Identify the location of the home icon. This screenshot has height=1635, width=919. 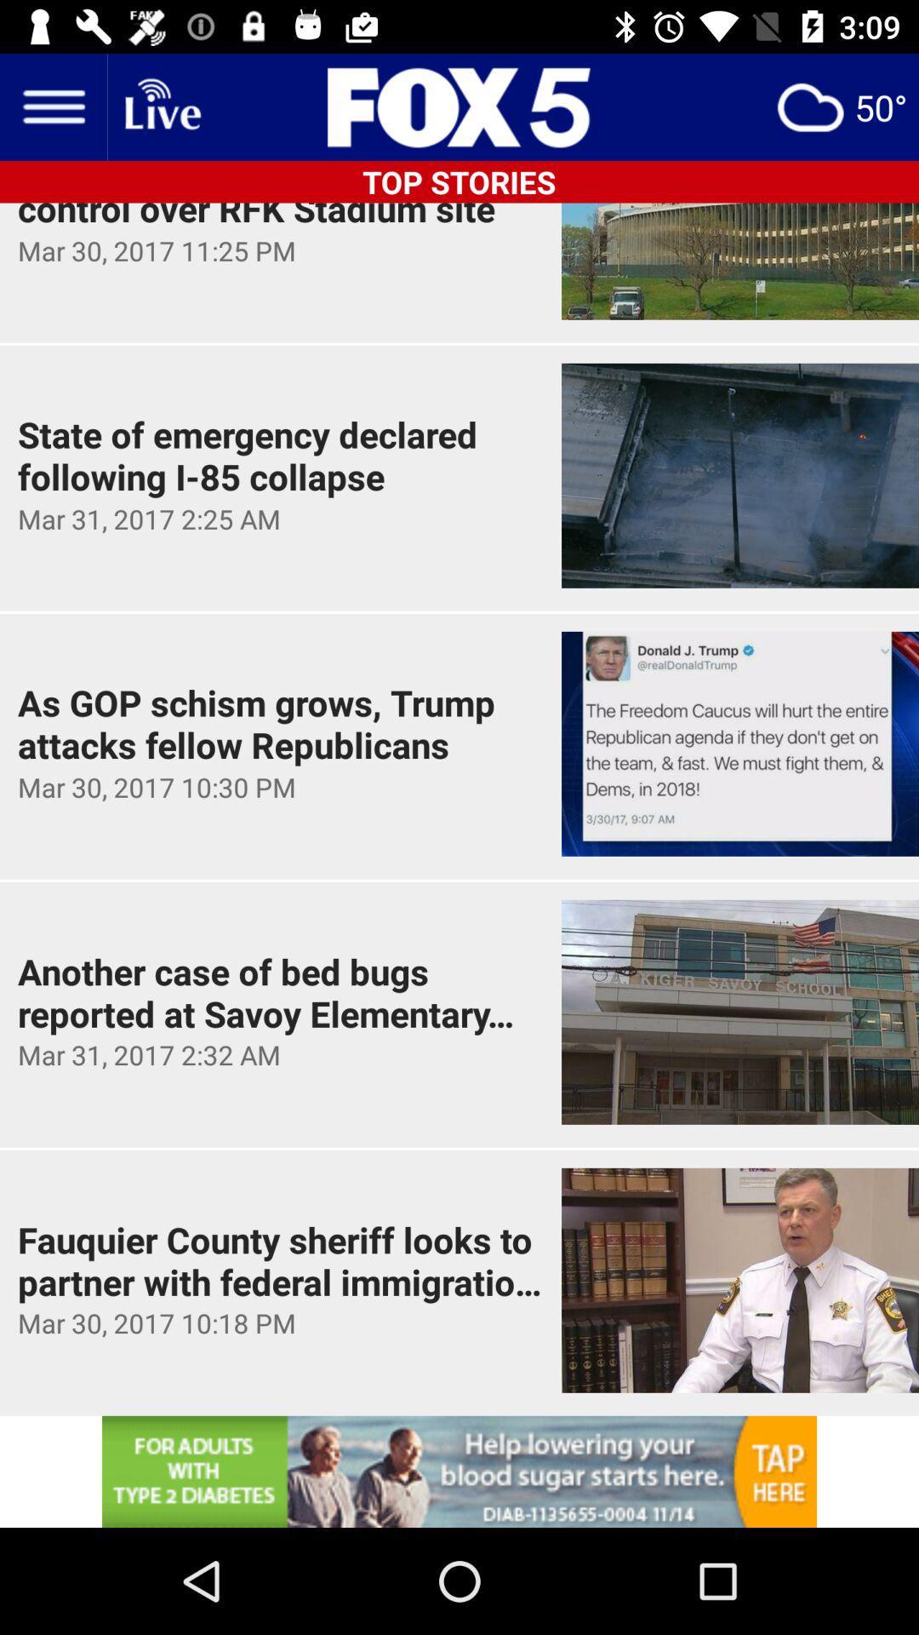
(161, 106).